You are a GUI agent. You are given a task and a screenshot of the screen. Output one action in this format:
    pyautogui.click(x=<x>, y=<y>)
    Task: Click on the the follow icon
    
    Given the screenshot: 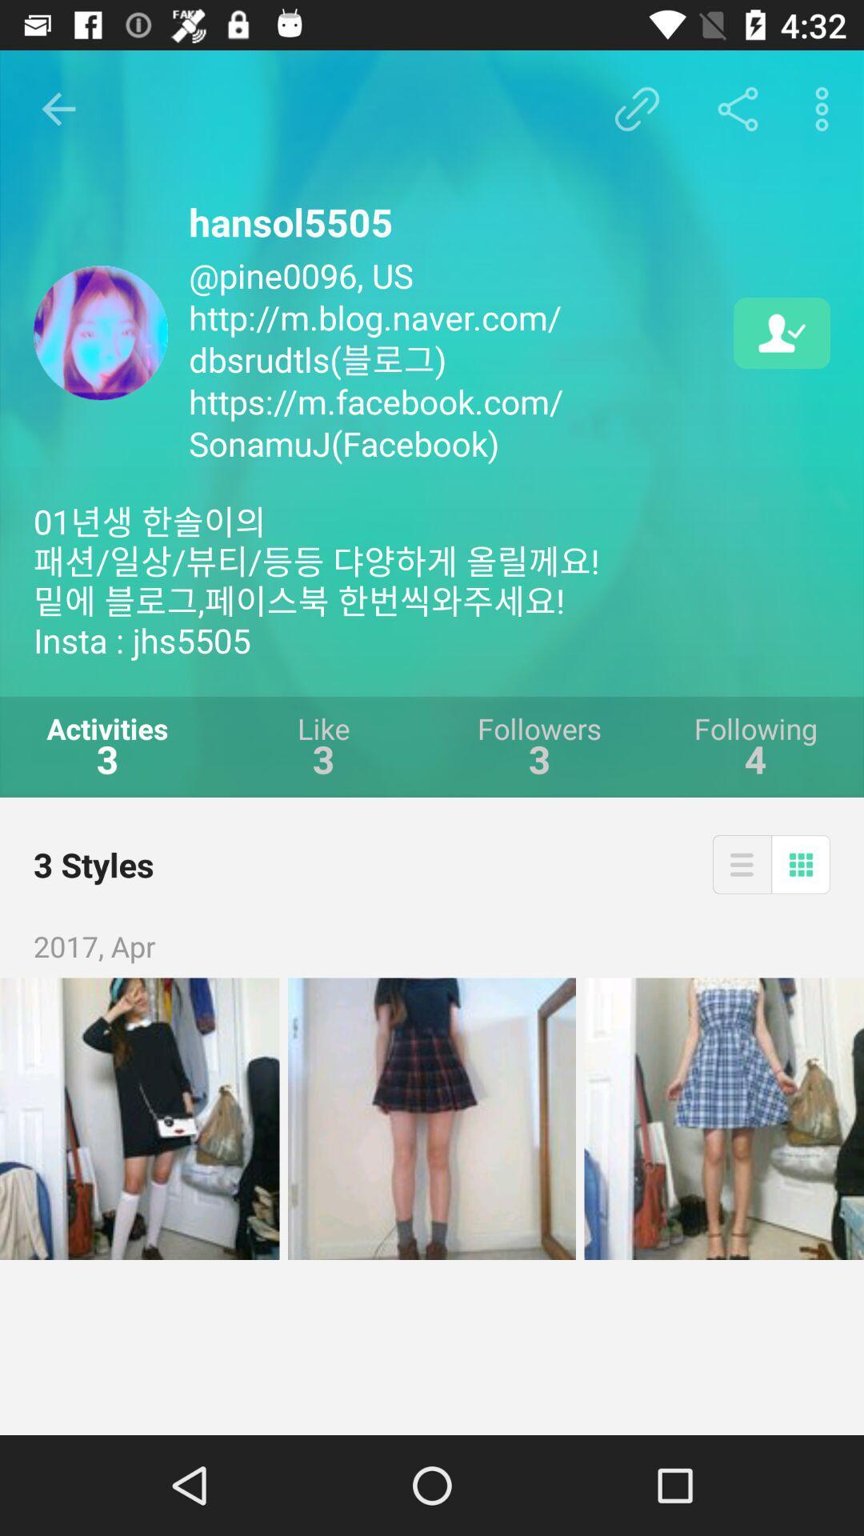 What is the action you would take?
    pyautogui.click(x=781, y=332)
    